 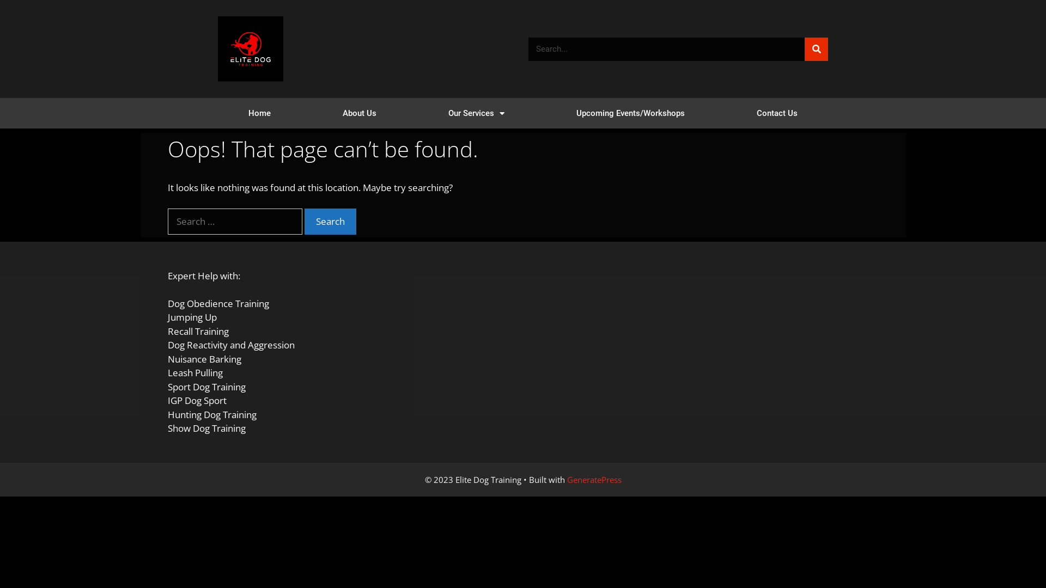 I want to click on 'About Us', so click(x=360, y=113).